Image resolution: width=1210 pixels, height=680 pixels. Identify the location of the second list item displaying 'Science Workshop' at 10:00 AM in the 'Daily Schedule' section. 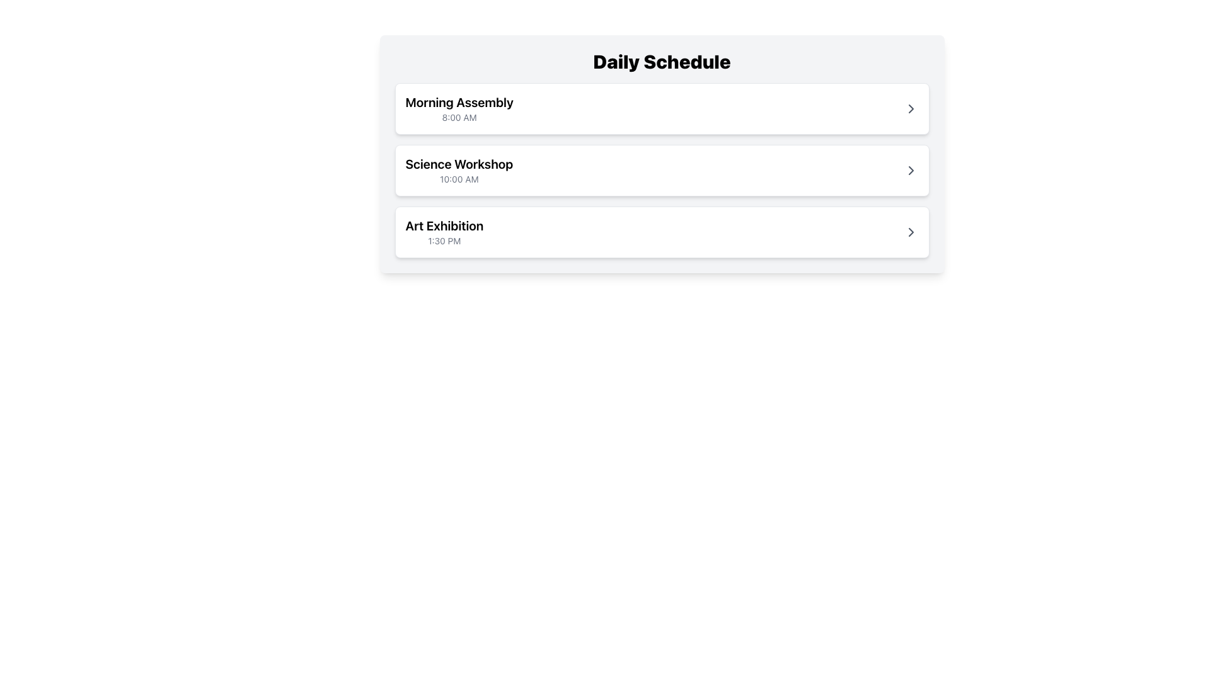
(661, 170).